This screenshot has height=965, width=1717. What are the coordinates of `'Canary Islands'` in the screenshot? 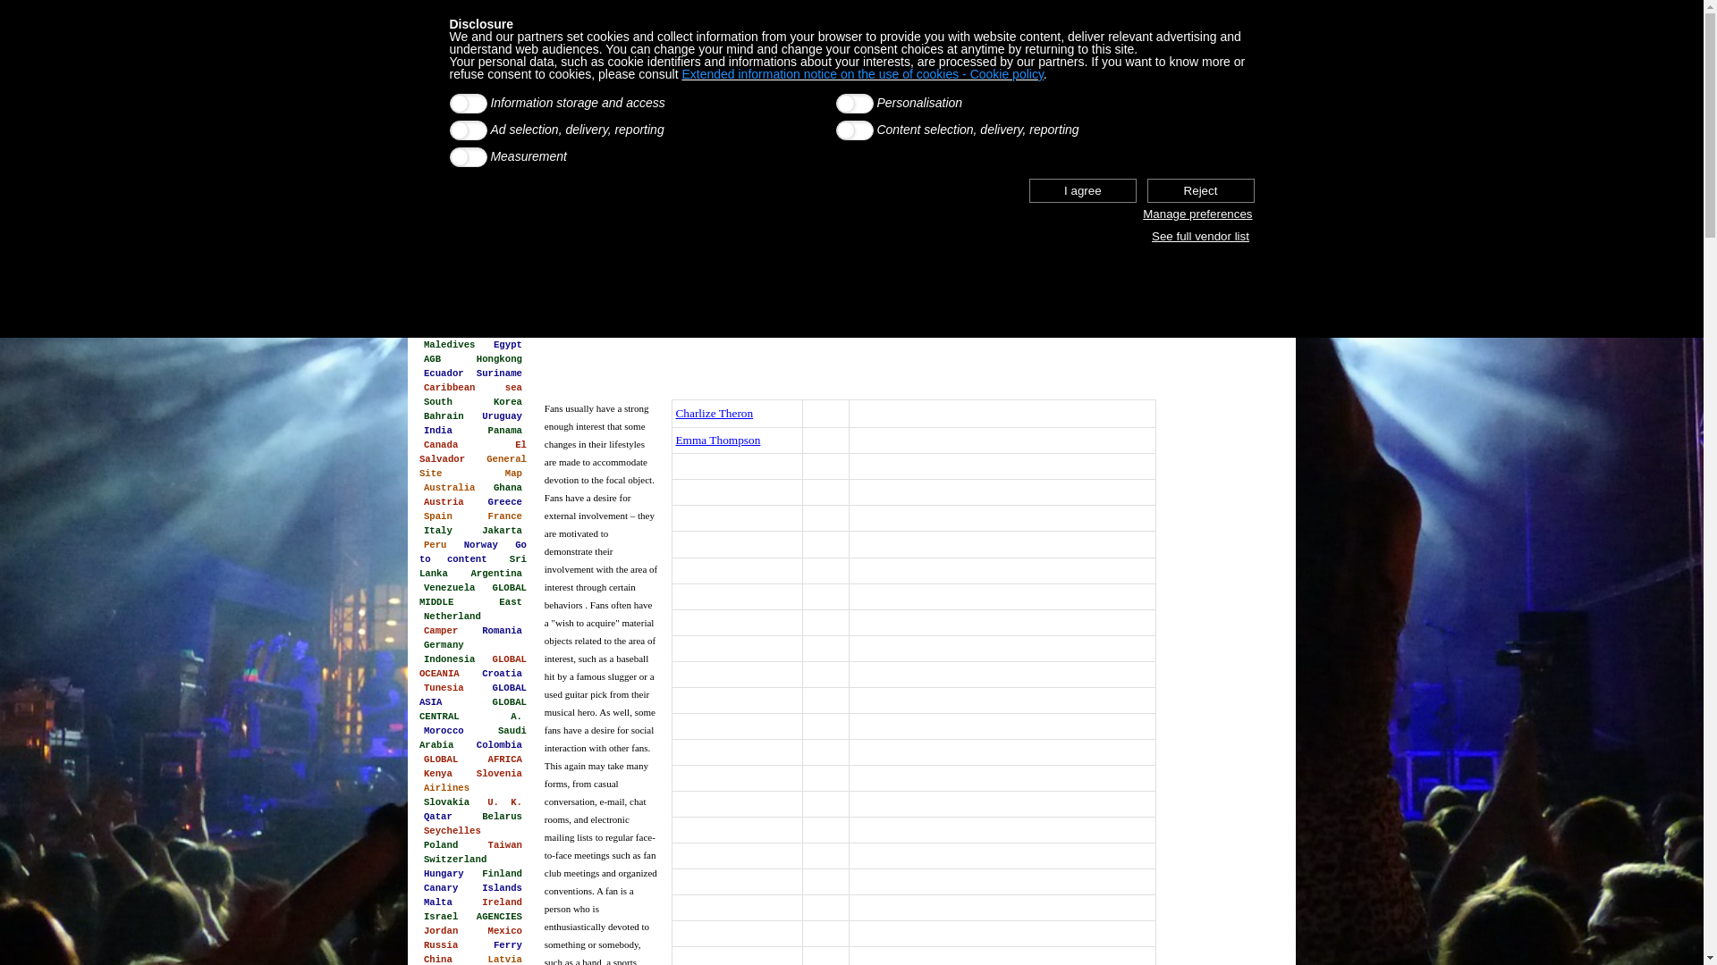 It's located at (472, 888).